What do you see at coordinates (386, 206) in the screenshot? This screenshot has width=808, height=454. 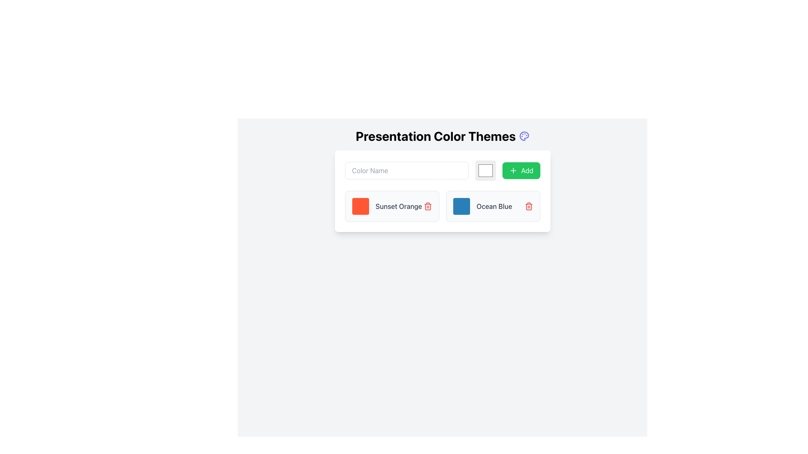 I see `the text 'Sunset Orange' next to the orange colored square in the 'Presentation Color Themes' section` at bounding box center [386, 206].